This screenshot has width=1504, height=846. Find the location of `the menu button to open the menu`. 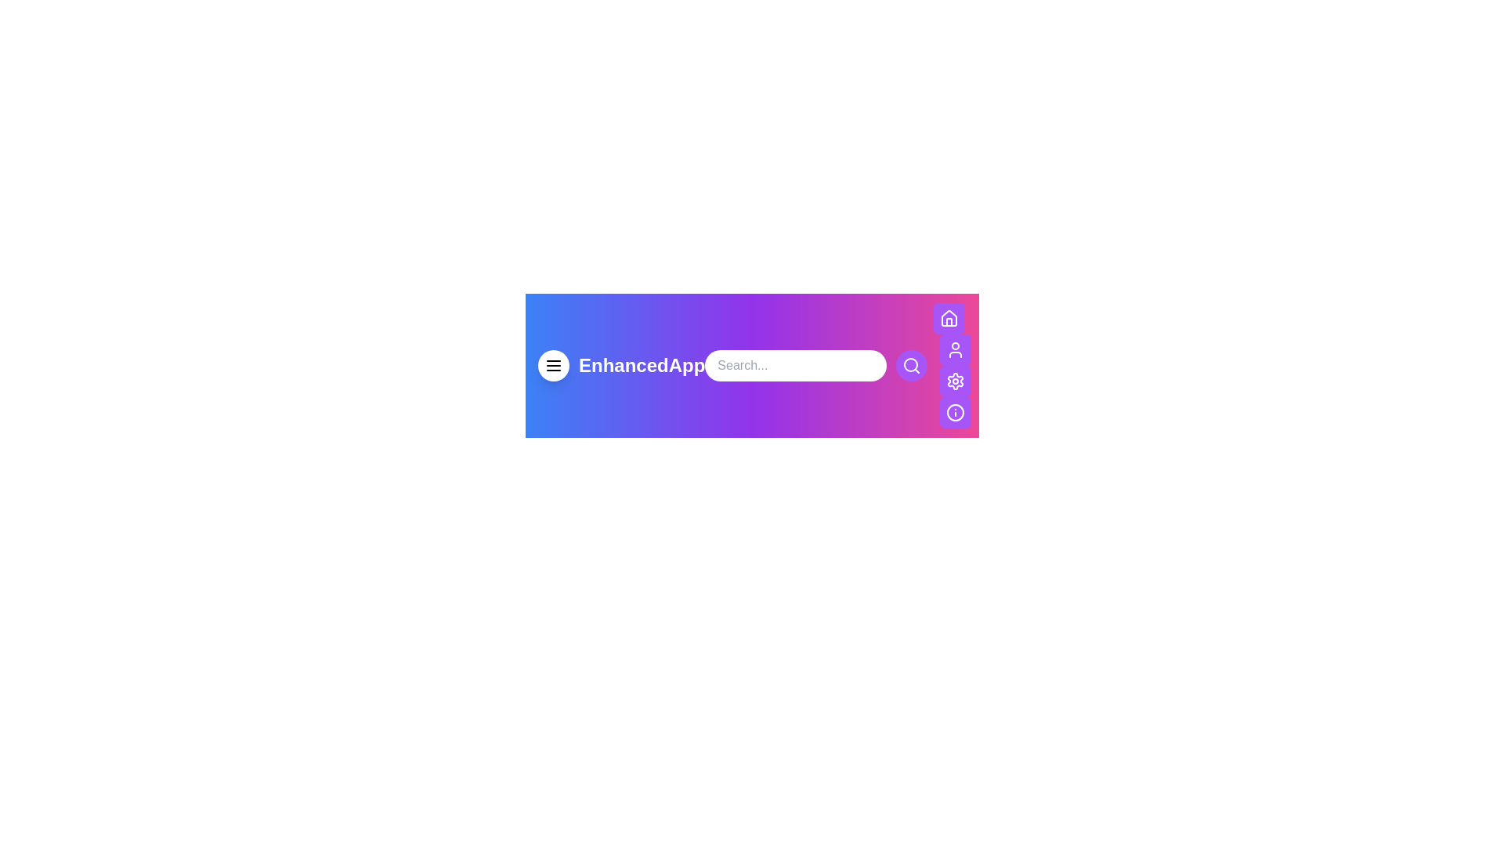

the menu button to open the menu is located at coordinates (553, 365).